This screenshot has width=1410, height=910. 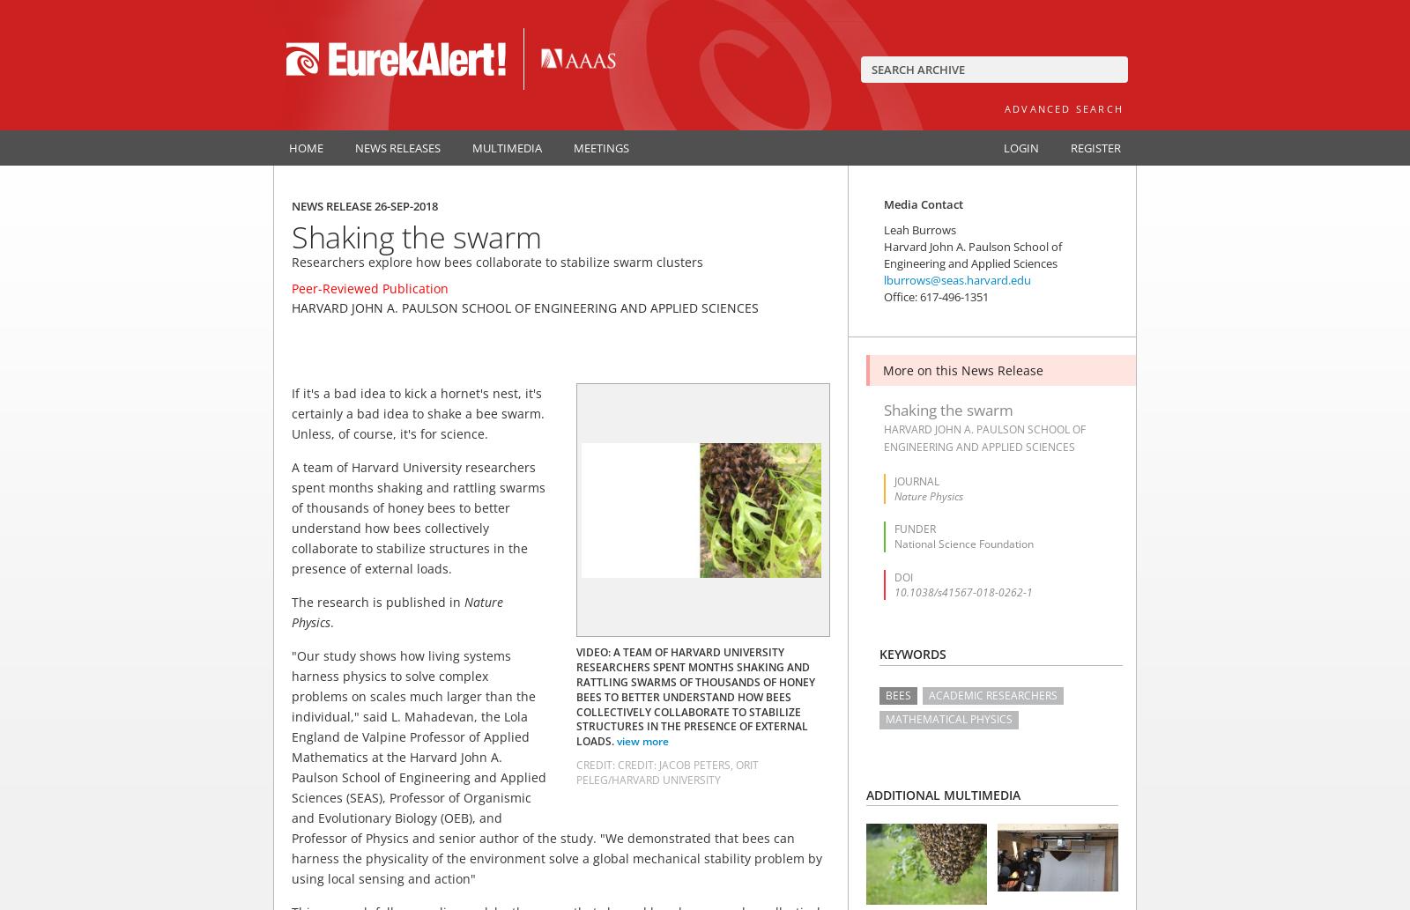 I want to click on 'Leah Burrows', so click(x=920, y=229).